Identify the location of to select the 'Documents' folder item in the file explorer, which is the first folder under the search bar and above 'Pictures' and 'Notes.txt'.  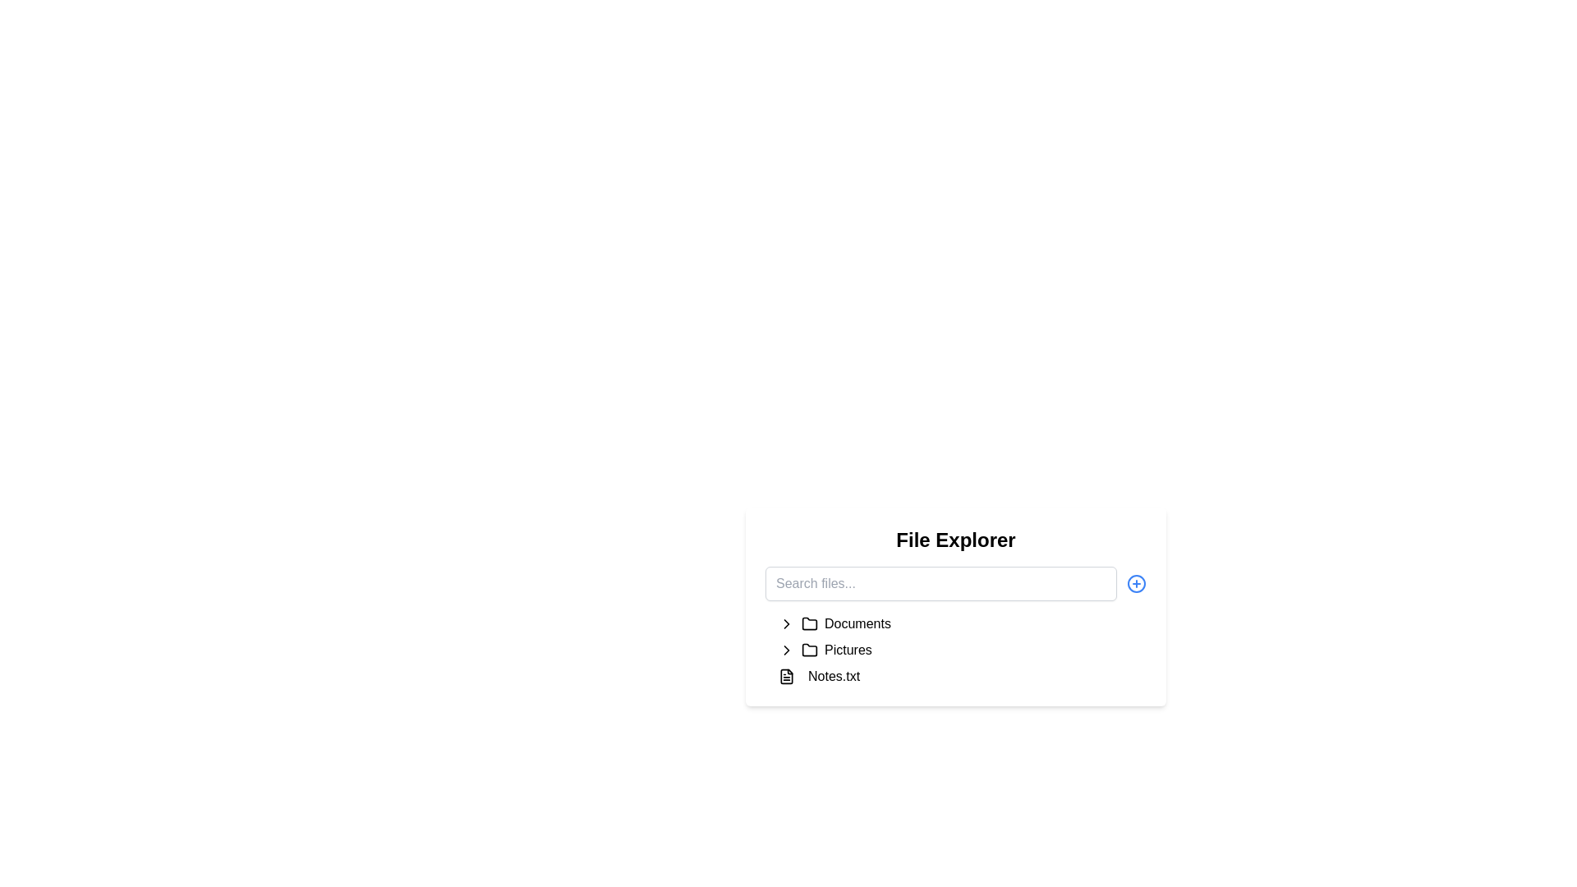
(962, 623).